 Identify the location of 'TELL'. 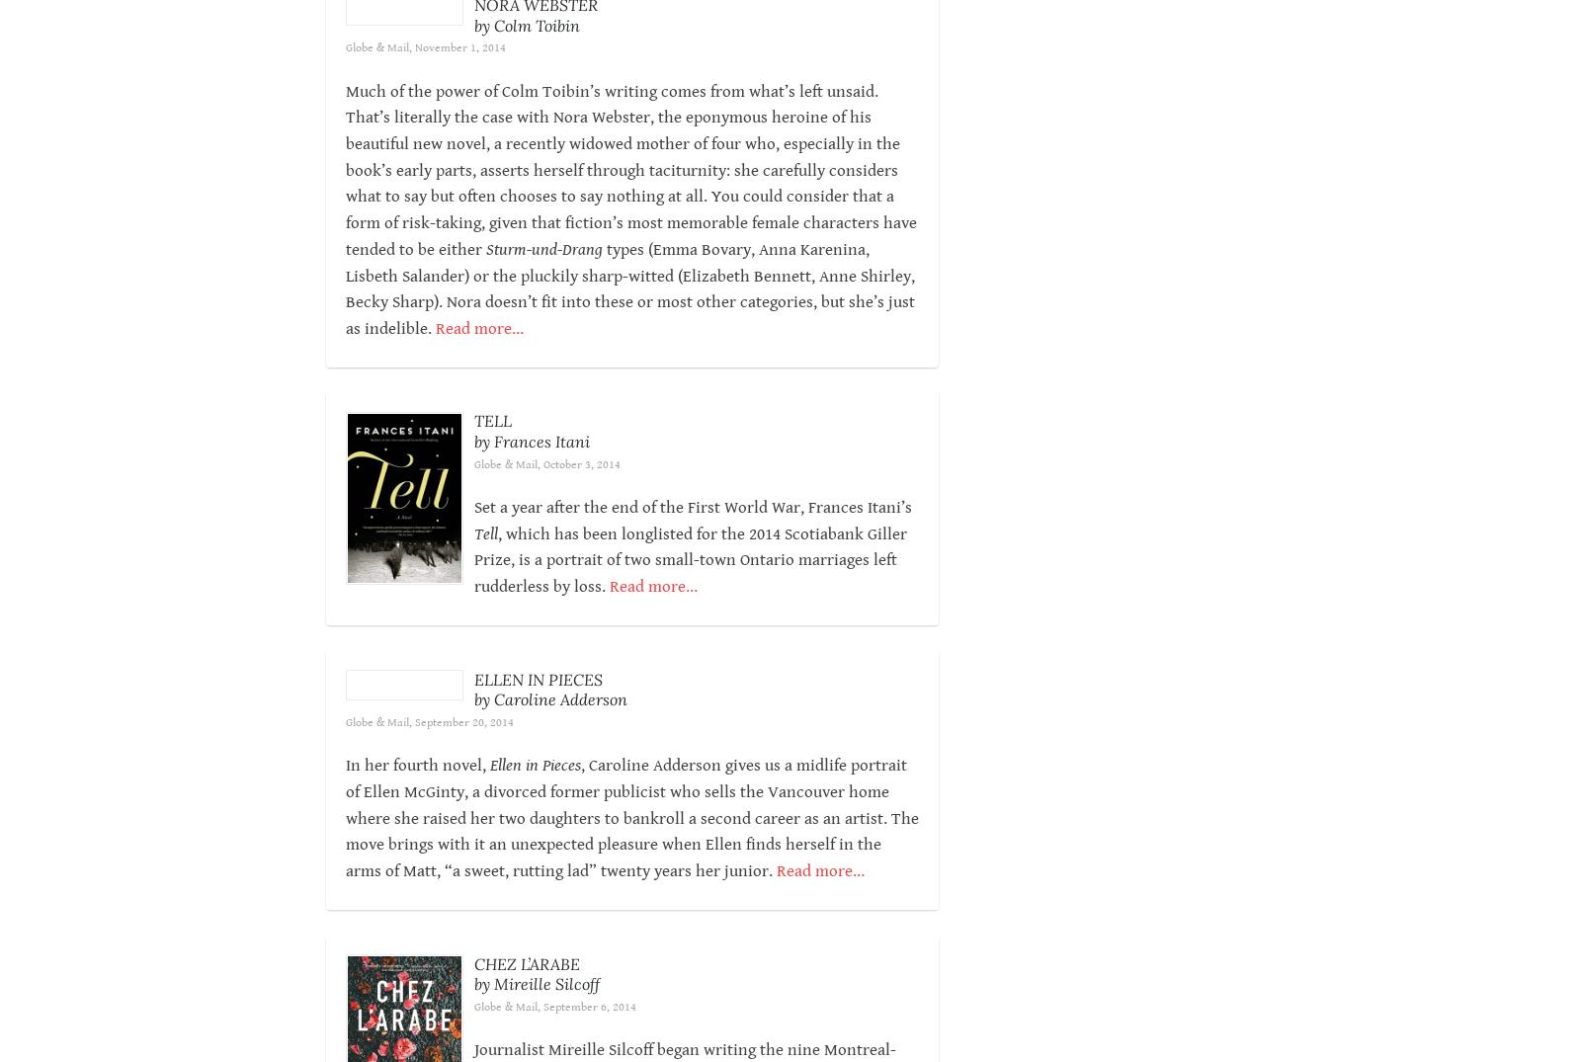
(491, 448).